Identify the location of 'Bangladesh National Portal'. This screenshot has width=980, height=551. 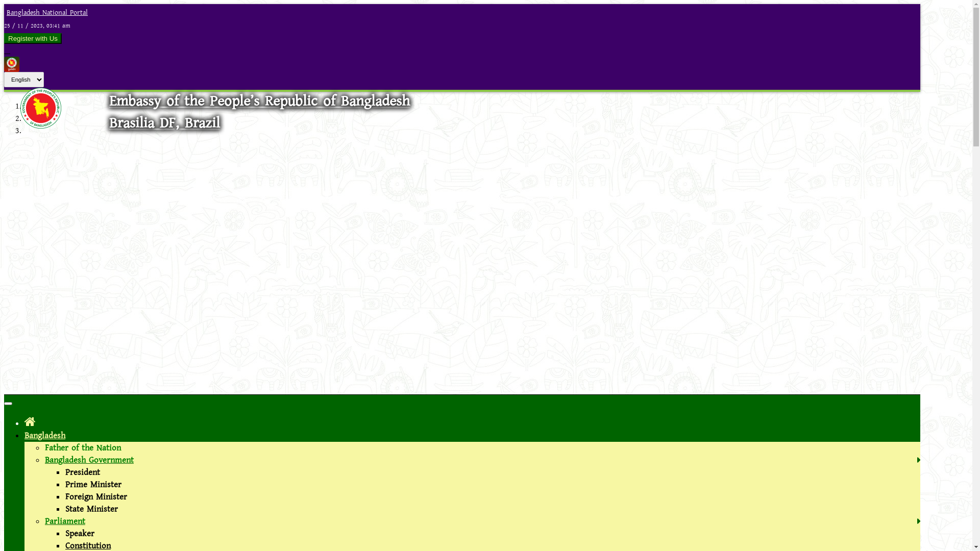
(45, 12).